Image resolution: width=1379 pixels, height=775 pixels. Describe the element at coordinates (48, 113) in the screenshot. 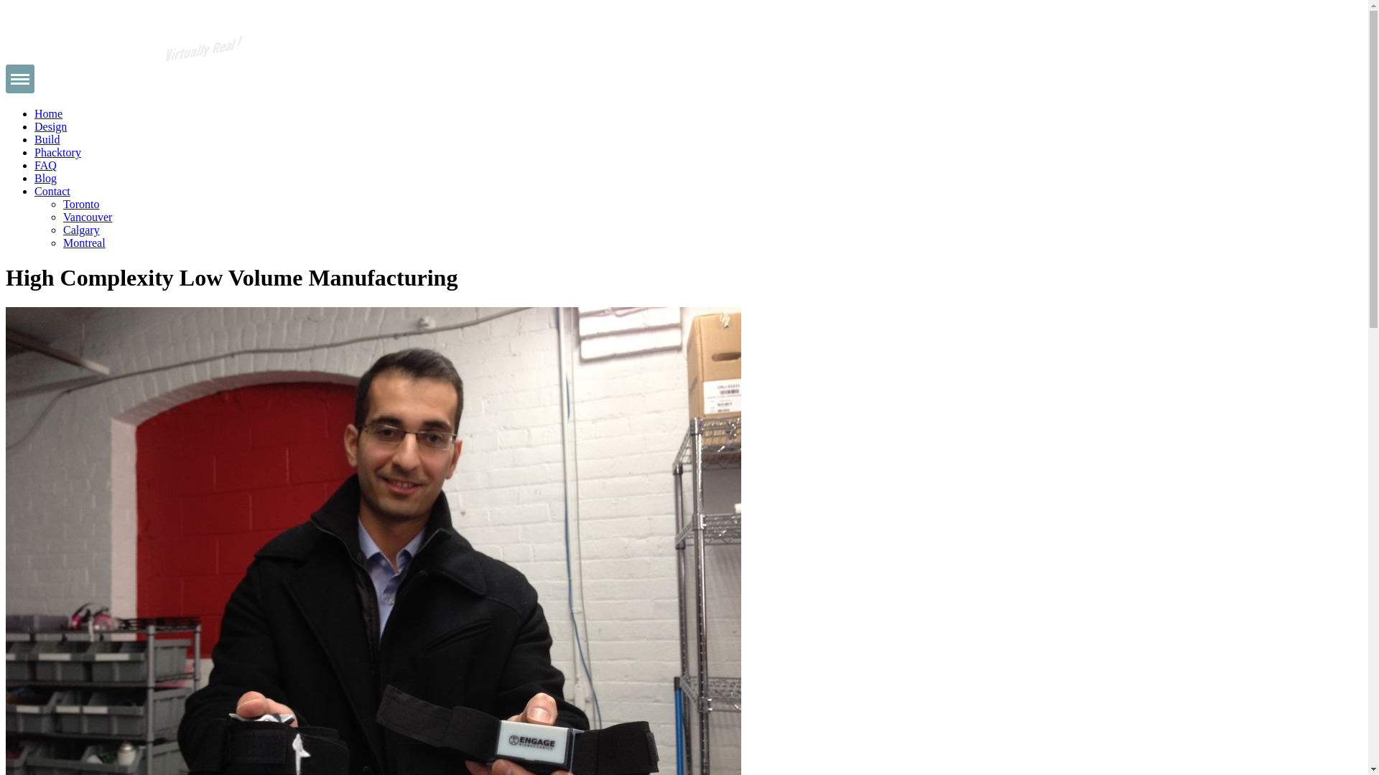

I see `'Home'` at that location.